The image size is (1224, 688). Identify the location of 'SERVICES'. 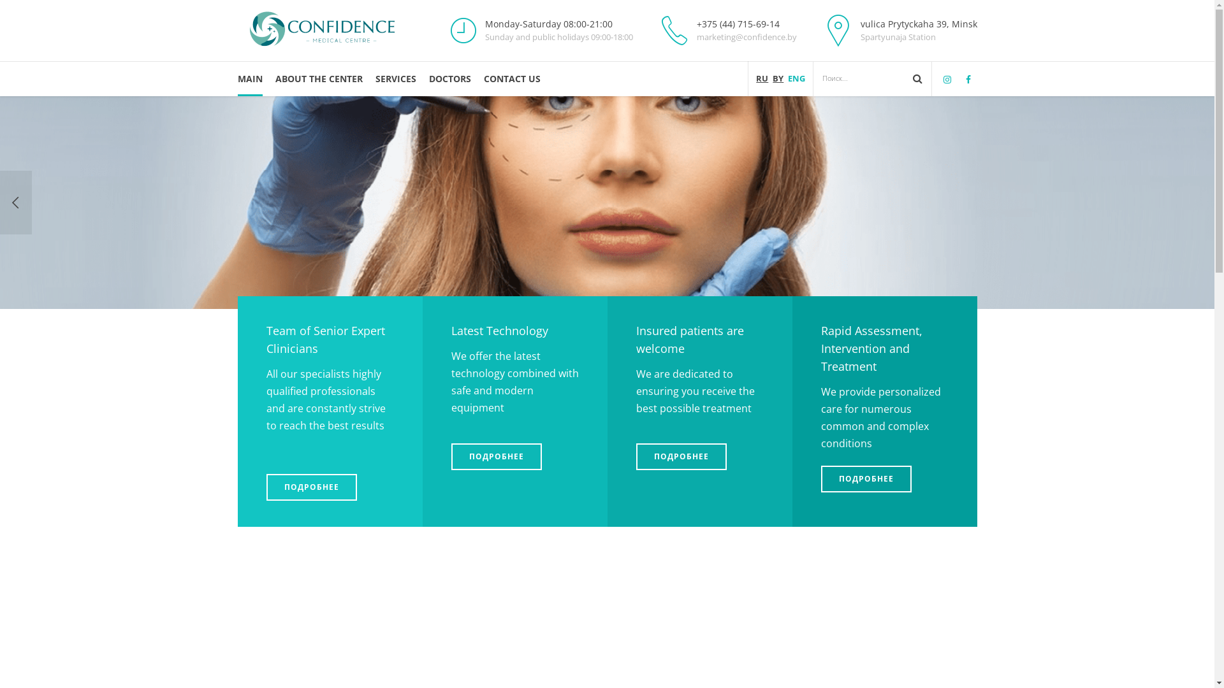
(394, 78).